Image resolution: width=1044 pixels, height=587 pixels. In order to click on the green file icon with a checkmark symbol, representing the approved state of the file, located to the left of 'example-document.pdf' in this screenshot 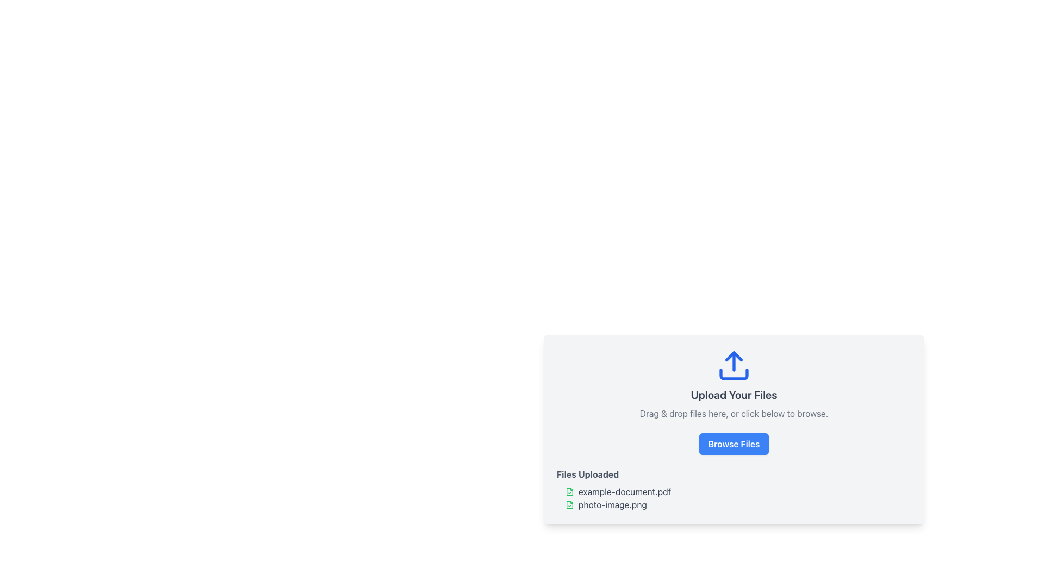, I will do `click(569, 492)`.